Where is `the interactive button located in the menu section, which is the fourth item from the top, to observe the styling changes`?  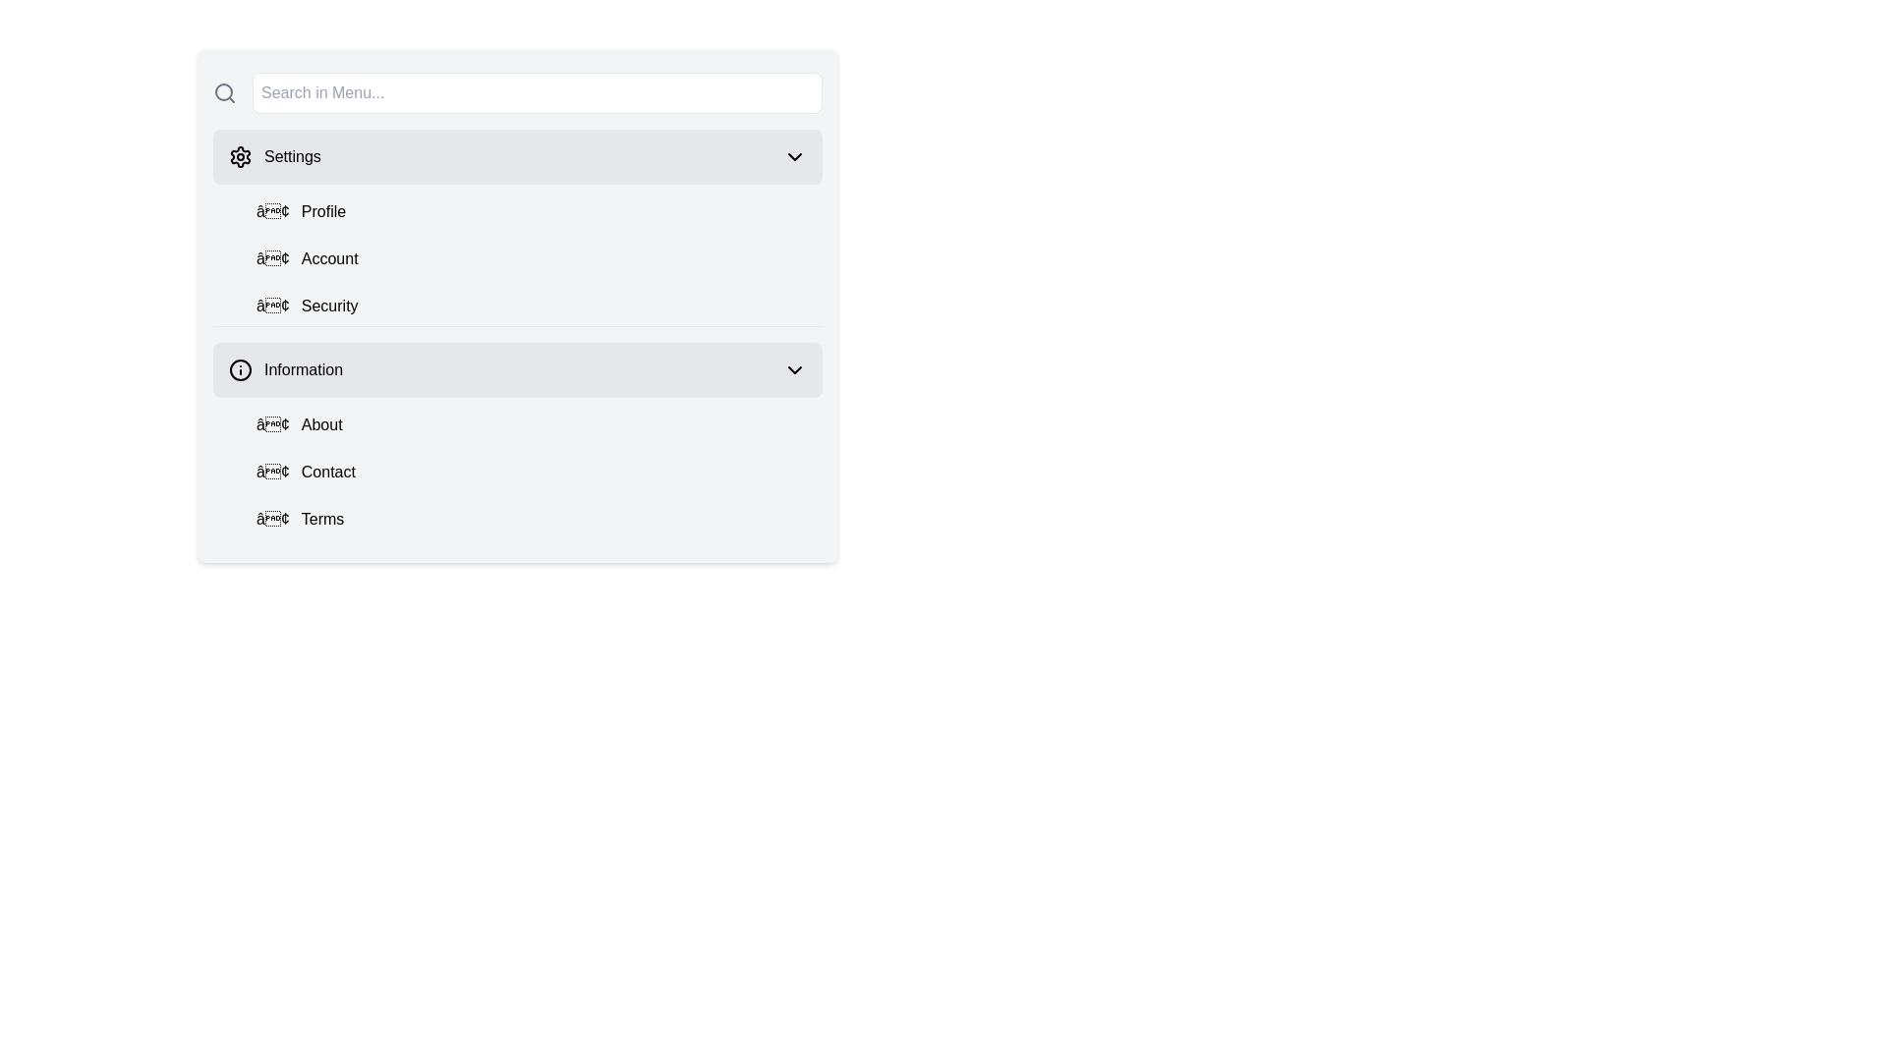 the interactive button located in the menu section, which is the fourth item from the top, to observe the styling changes is located at coordinates (518, 370).